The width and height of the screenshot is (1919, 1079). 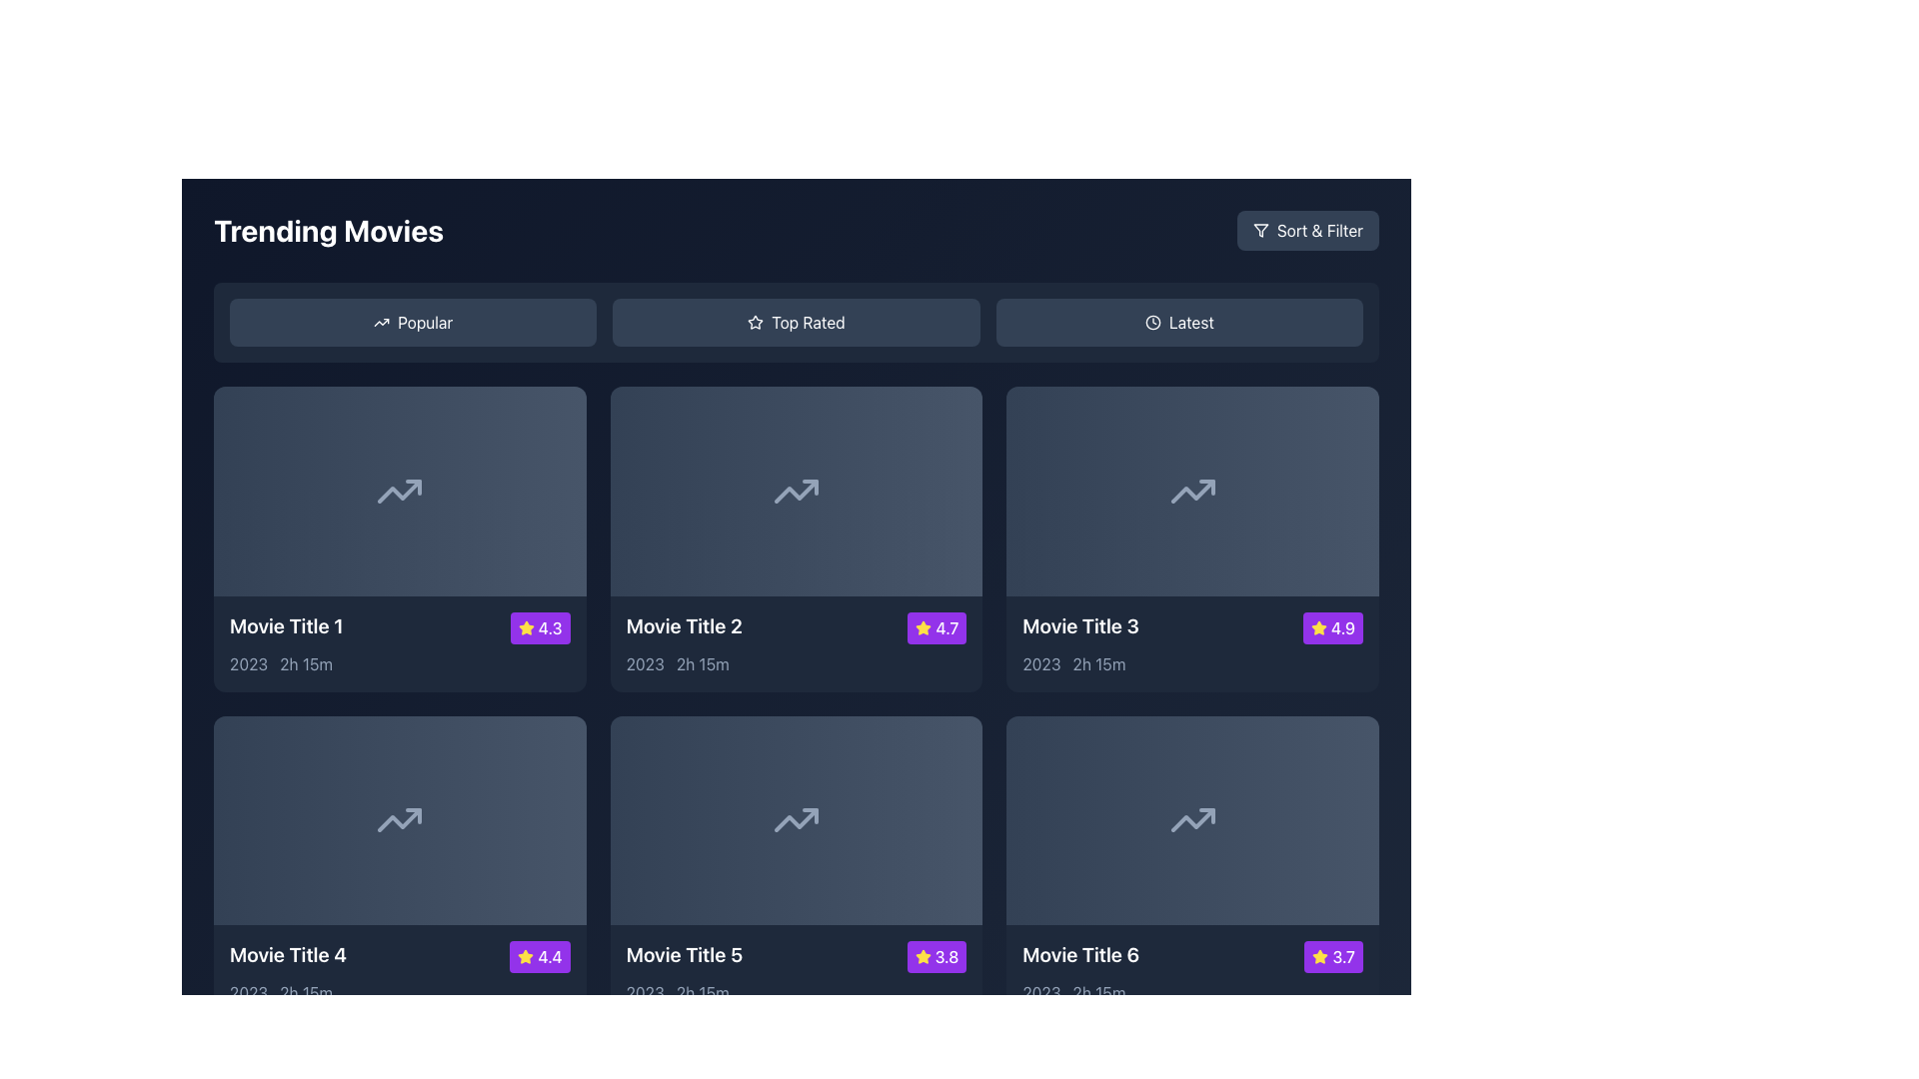 I want to click on the text element displaying '2h 15m' in the movie information block for 'Movie Title 6', located in the bottom-right corner of the grid layout, so click(x=1097, y=993).